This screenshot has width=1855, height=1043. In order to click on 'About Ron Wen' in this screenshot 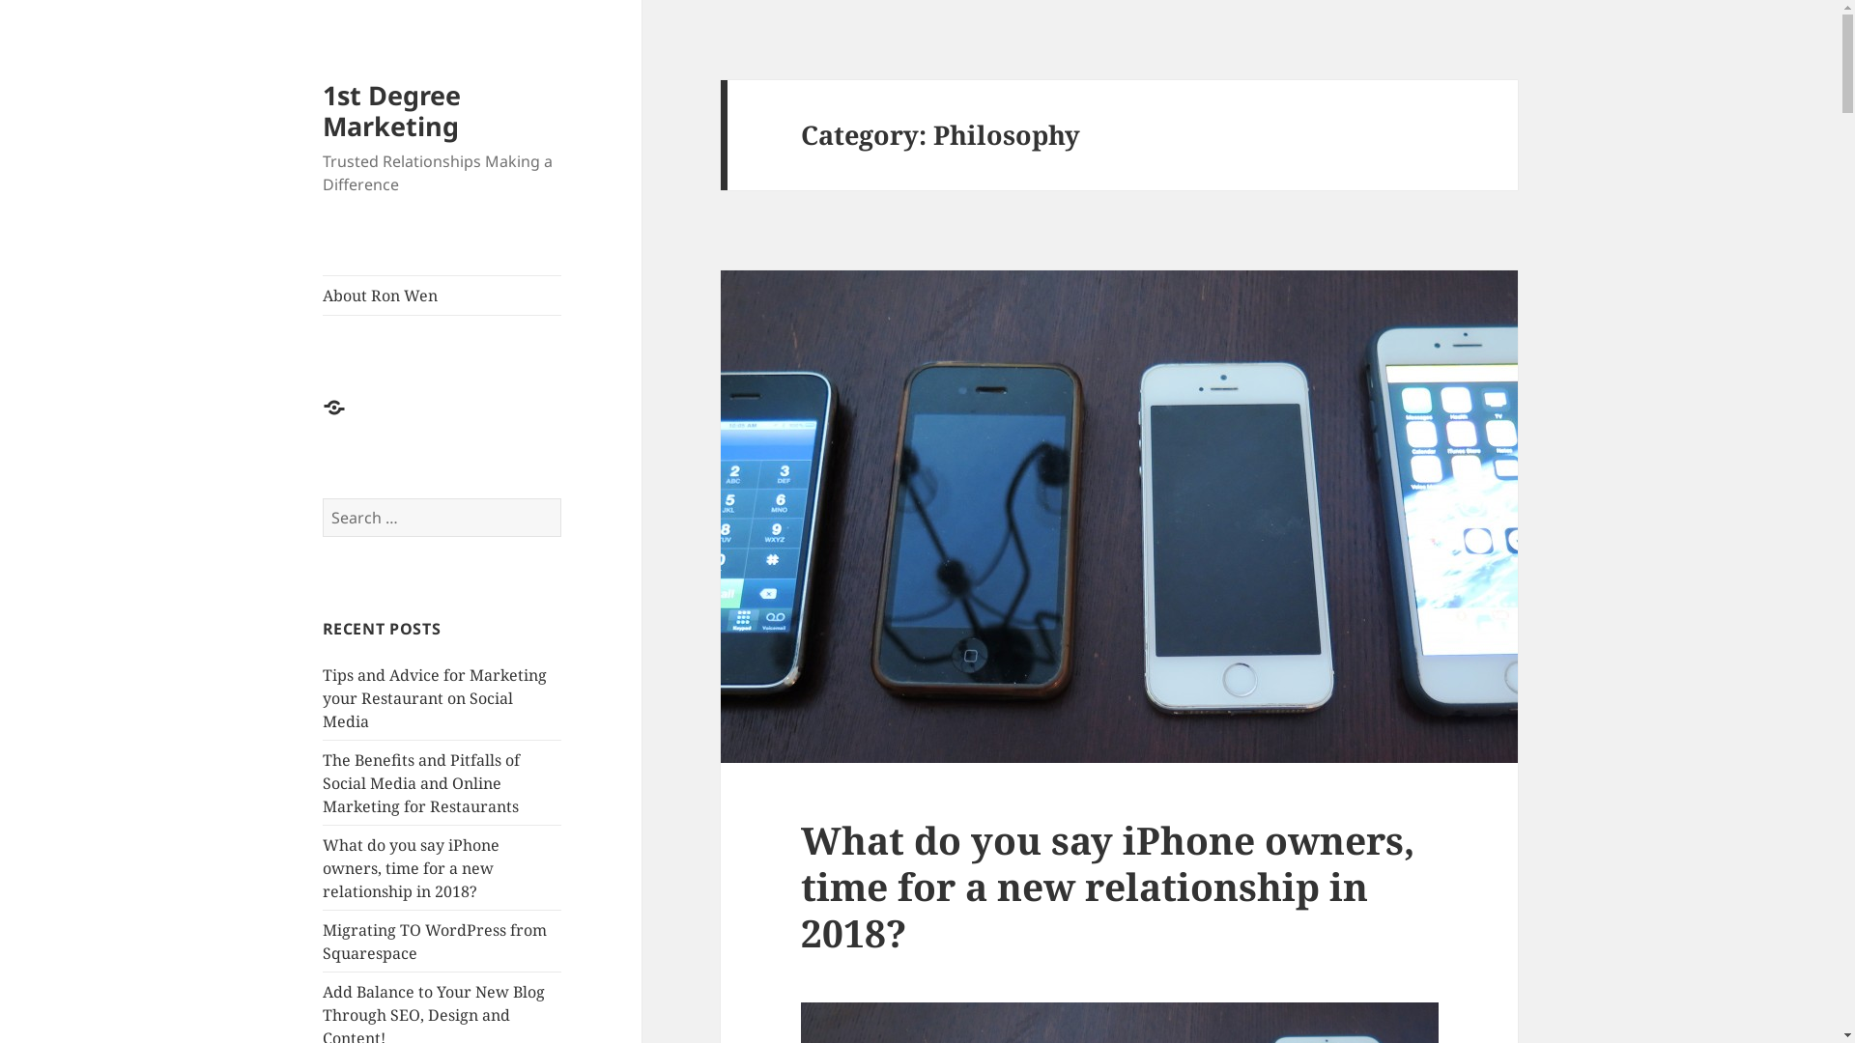, I will do `click(323, 295)`.